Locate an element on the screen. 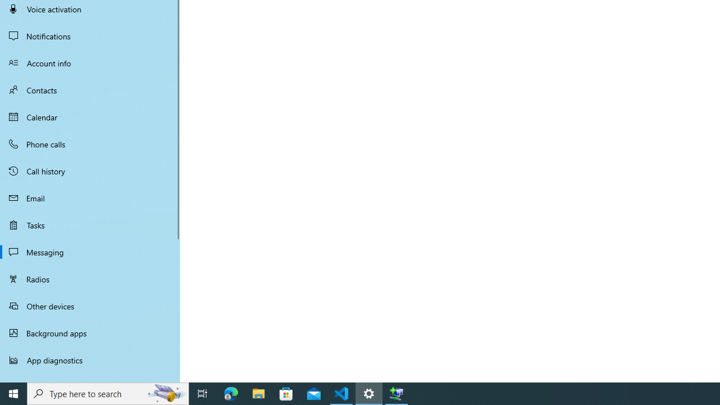  'Account info' is located at coordinates (90, 62).